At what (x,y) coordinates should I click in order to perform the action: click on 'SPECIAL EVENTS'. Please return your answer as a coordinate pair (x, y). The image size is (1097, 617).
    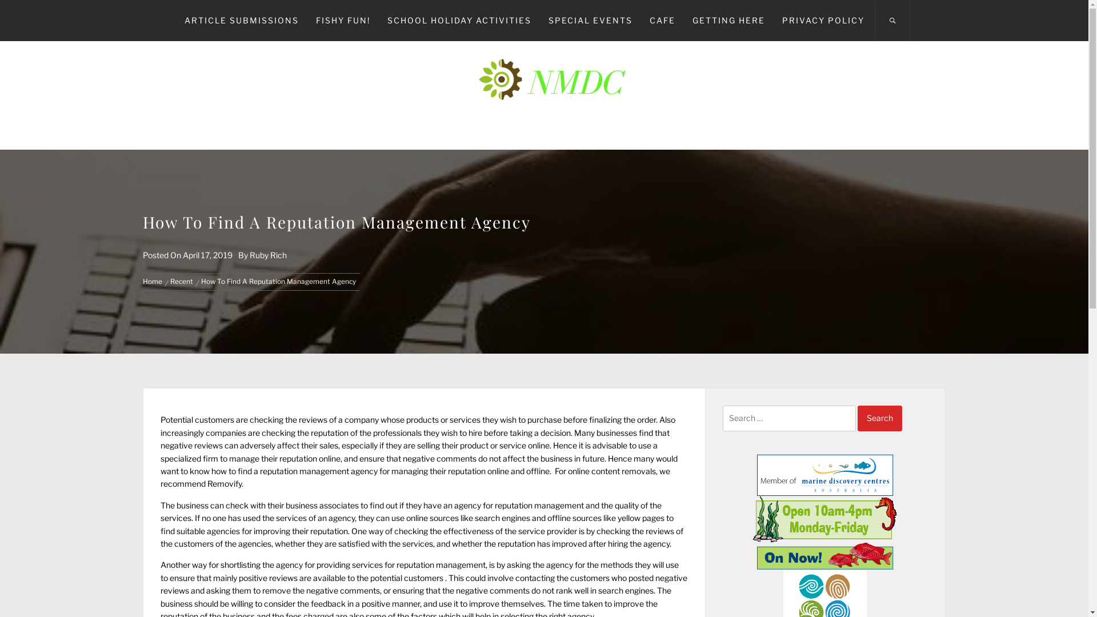
    Looking at the image, I should click on (539, 20).